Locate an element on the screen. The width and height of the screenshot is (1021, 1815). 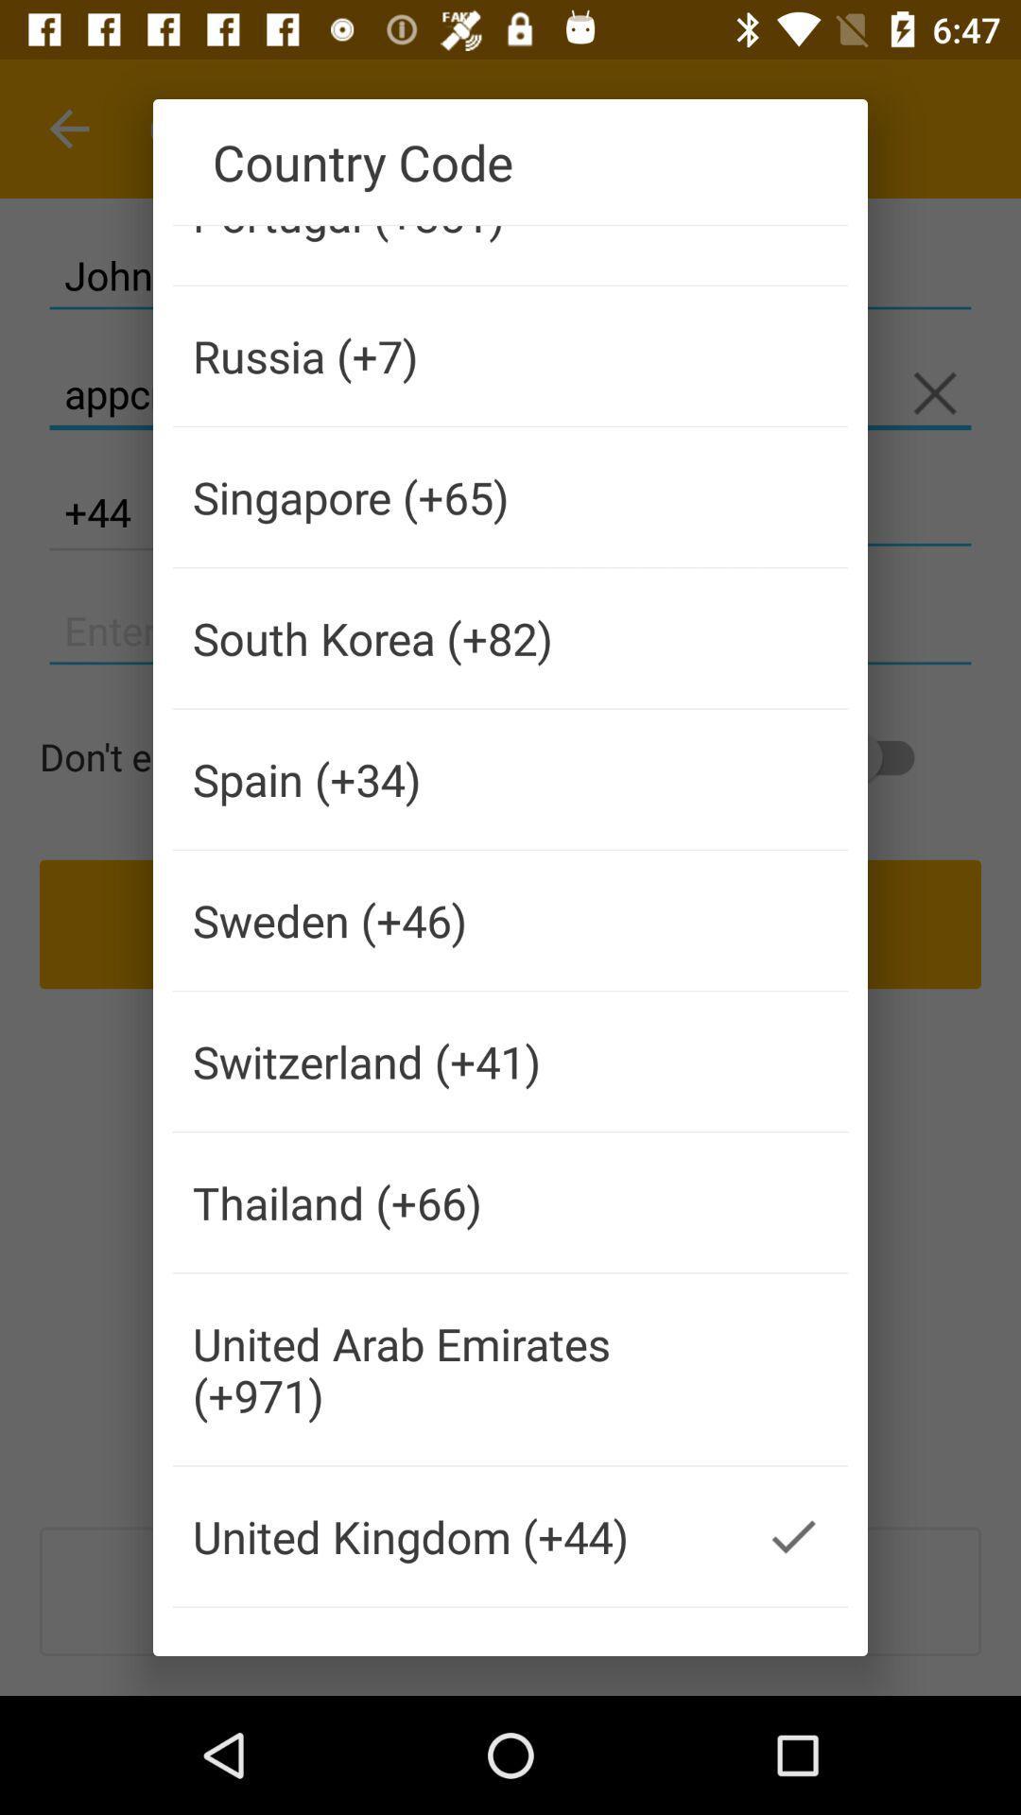
united kingdom (+44) is located at coordinates (456, 1536).